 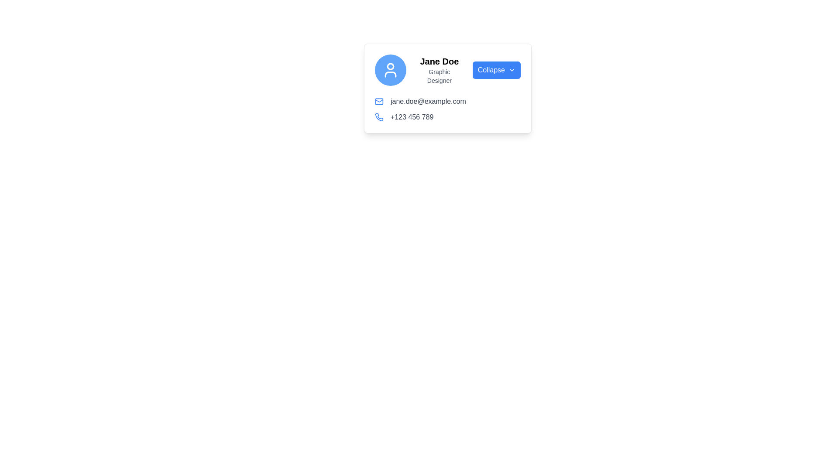 What do you see at coordinates (428, 101) in the screenshot?
I see `the email address displayed under the user's name` at bounding box center [428, 101].